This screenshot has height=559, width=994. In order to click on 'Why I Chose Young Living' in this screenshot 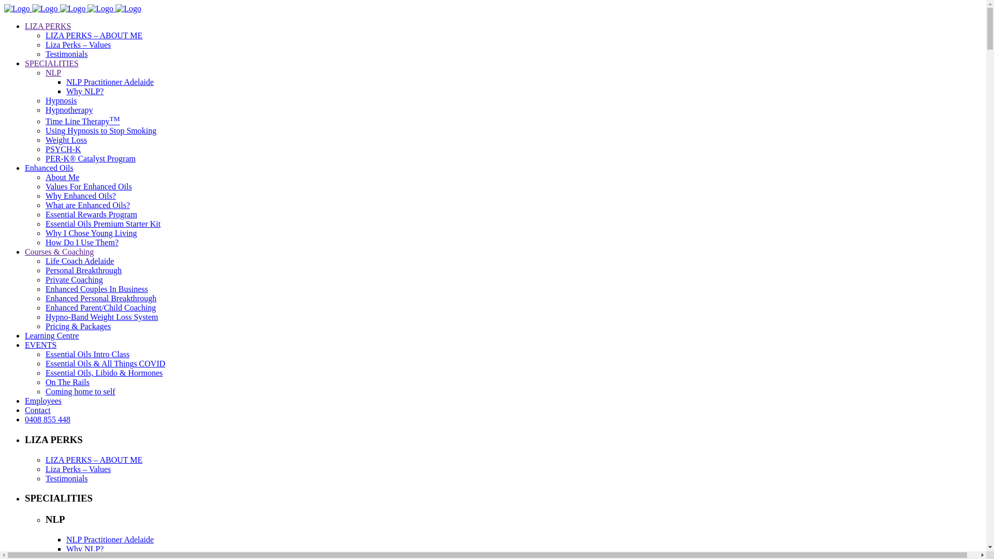, I will do `click(91, 233)`.